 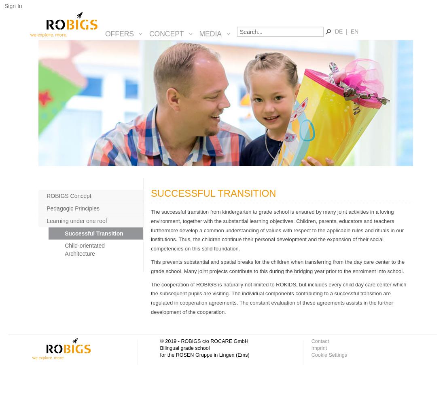 What do you see at coordinates (204, 341) in the screenshot?
I see `'© 2019 - ROBIGS c/o ROCARE GmbH'` at bounding box center [204, 341].